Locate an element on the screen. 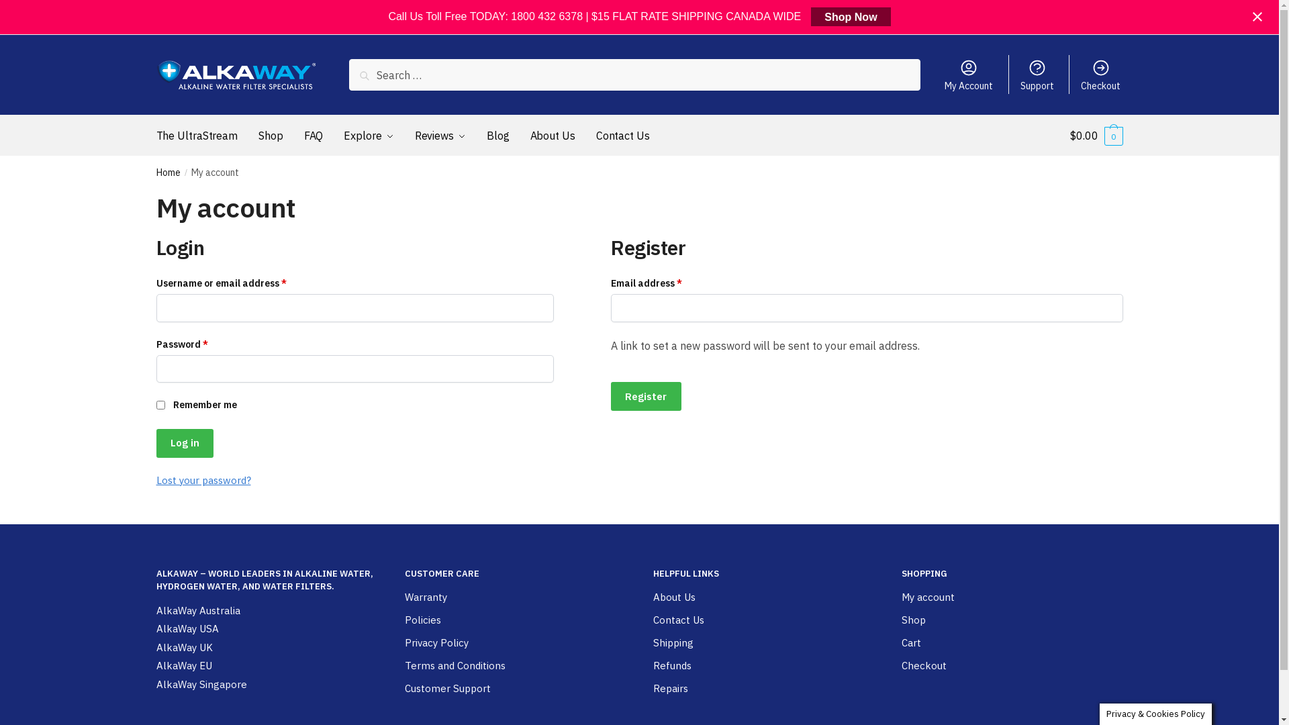  'FAQ' is located at coordinates (298, 135).